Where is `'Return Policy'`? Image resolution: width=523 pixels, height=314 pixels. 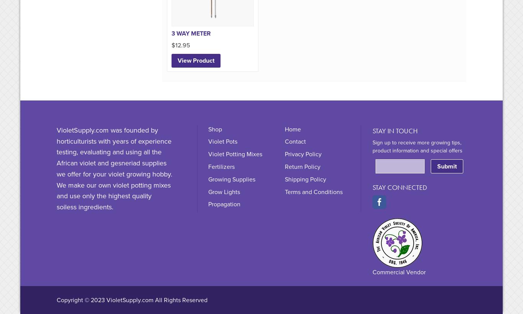 'Return Policy' is located at coordinates (302, 166).